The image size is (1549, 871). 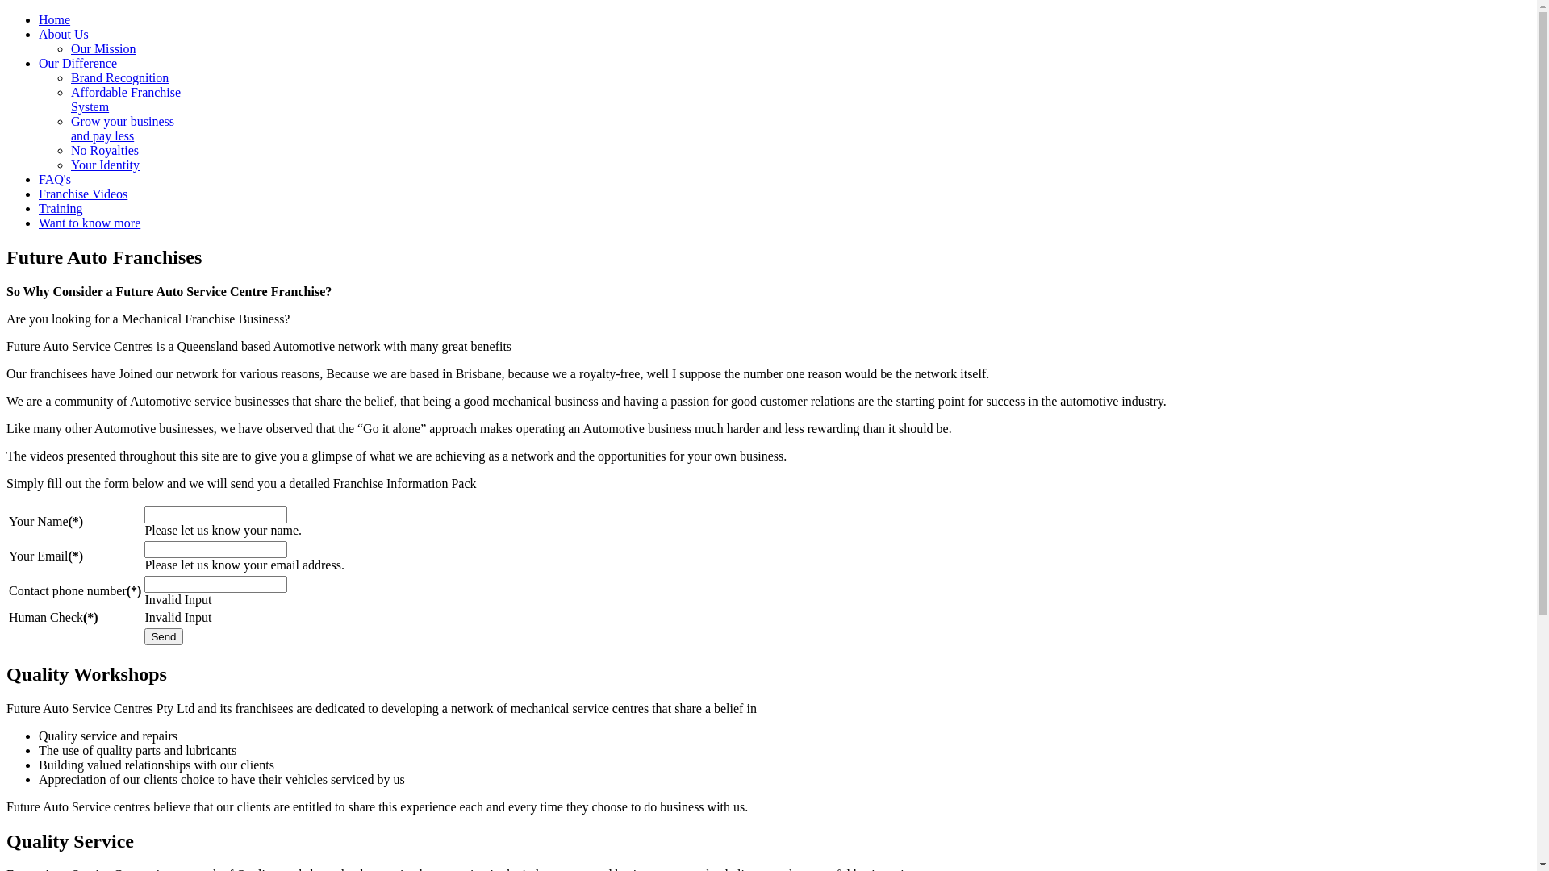 What do you see at coordinates (69, 165) in the screenshot?
I see `'Your Identity'` at bounding box center [69, 165].